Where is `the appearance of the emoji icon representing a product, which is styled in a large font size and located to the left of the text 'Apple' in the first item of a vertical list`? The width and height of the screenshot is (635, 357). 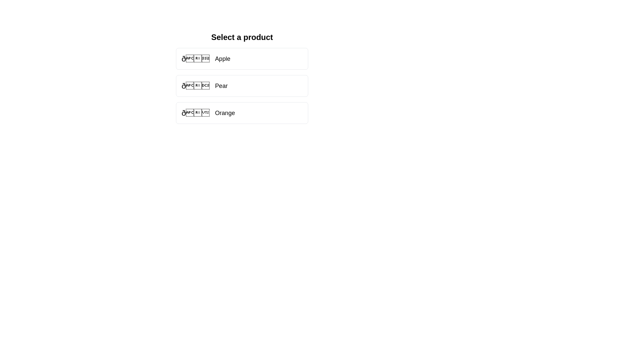 the appearance of the emoji icon representing a product, which is styled in a large font size and located to the left of the text 'Apple' in the first item of a vertical list is located at coordinates (195, 58).